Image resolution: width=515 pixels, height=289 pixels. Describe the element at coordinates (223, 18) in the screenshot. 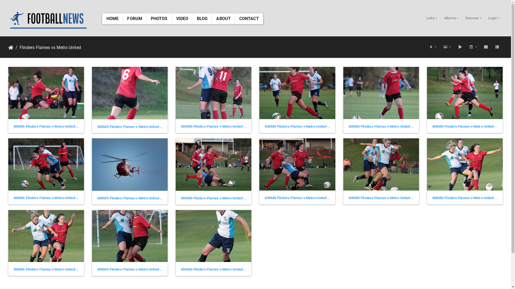

I see `'ABOUT'` at that location.